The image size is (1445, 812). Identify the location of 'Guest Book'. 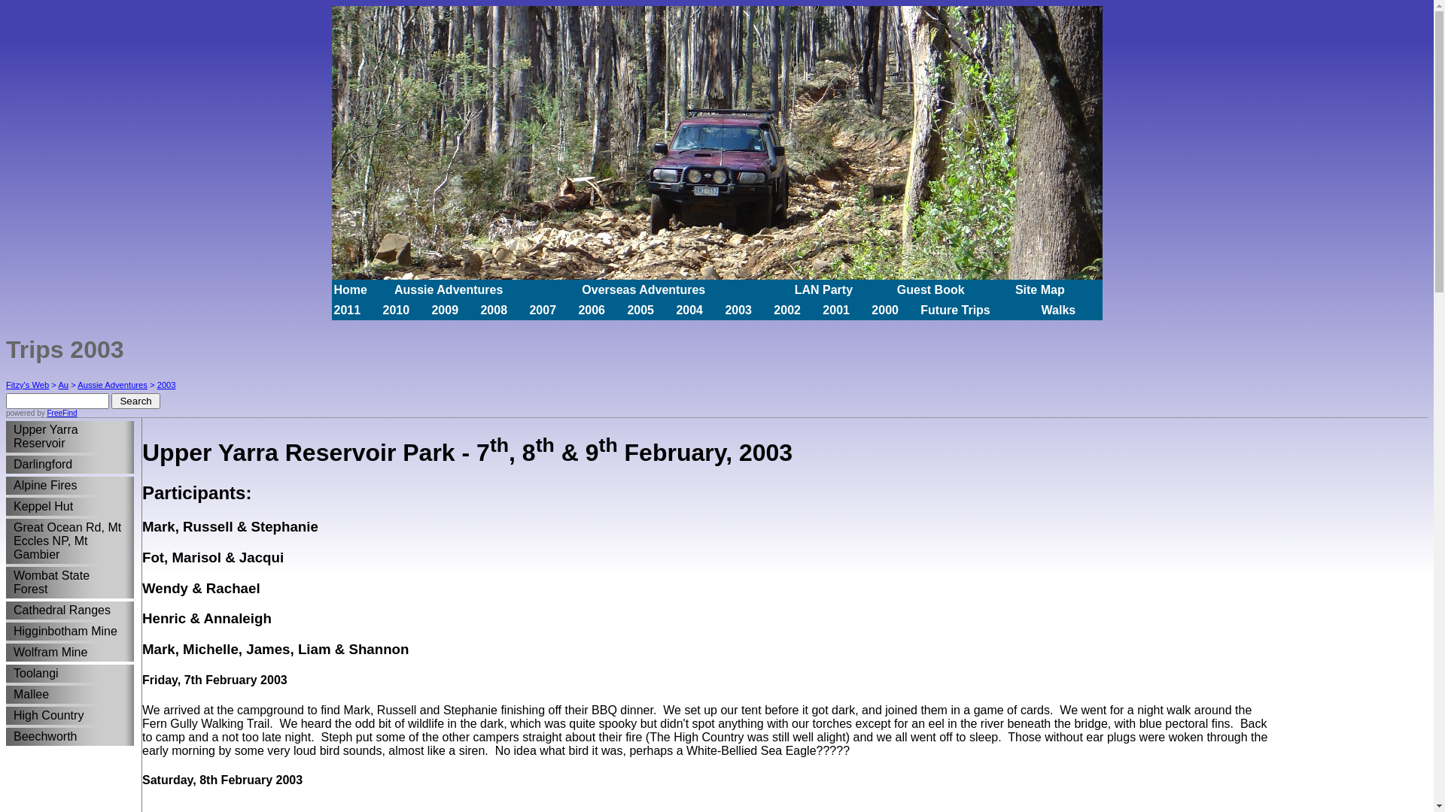
(930, 289).